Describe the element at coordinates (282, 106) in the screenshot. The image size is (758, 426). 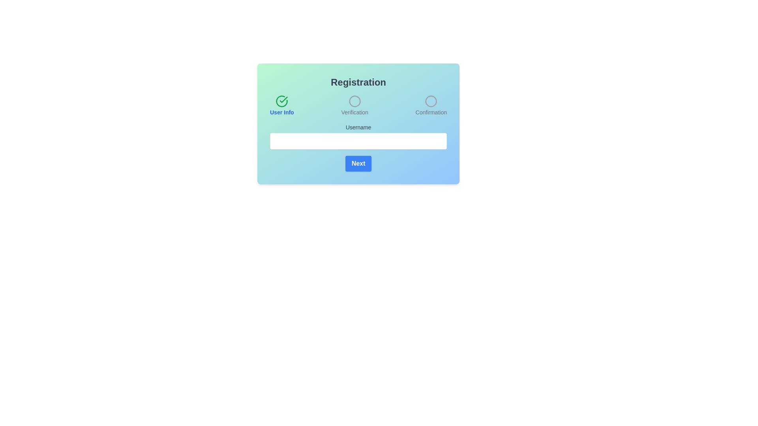
I see `the status indicator element that displays a green check mark icon and the text 'User Info' in bold blue font, indicating a completed or verified status` at that location.